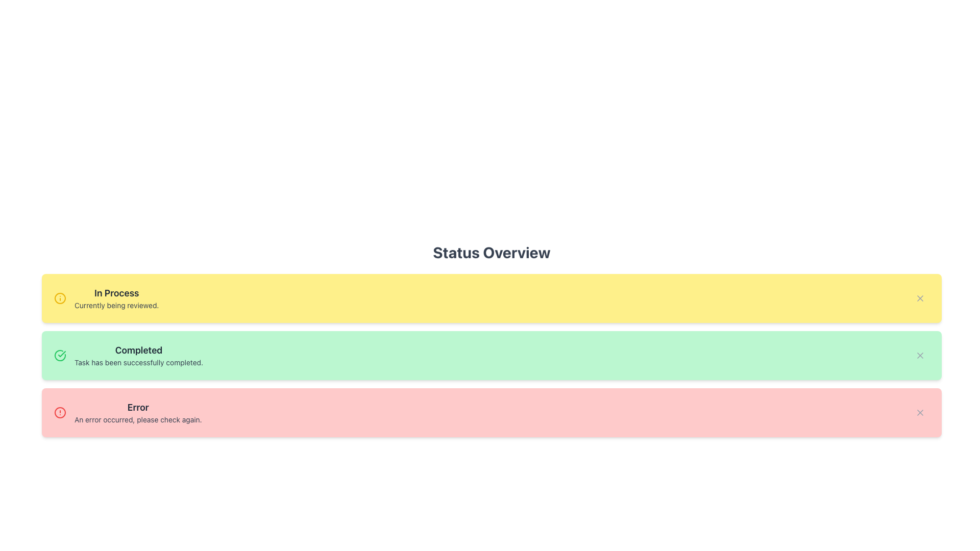 The height and width of the screenshot is (551, 980). Describe the element at coordinates (137, 407) in the screenshot. I see `the title text of the error alert box, which is positioned at the top of the red alert box, drawing attention to the error message below` at that location.